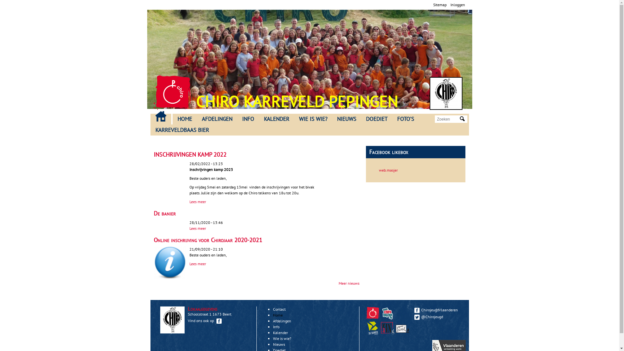 Image resolution: width=624 pixels, height=351 pixels. Describe the element at coordinates (413, 317) in the screenshot. I see `'Twitter'` at that location.